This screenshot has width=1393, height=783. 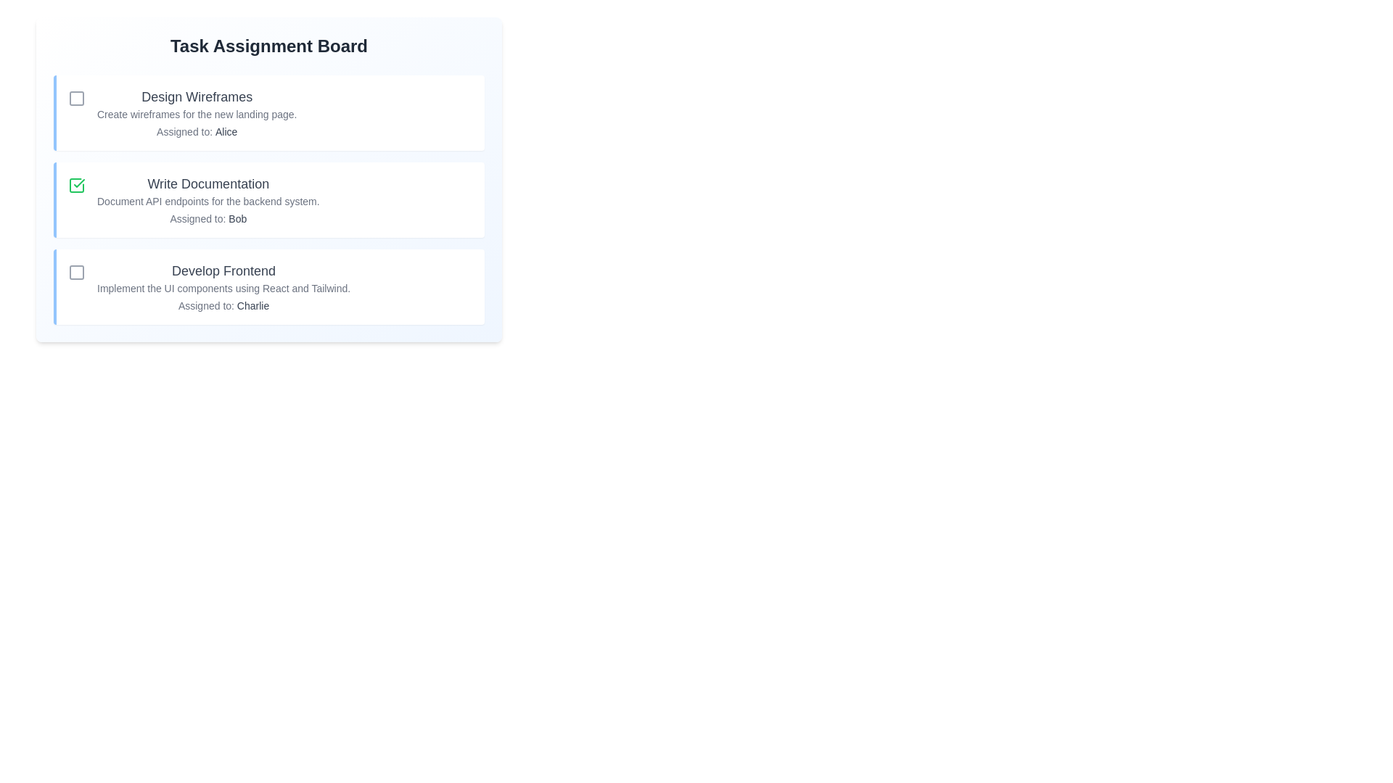 What do you see at coordinates (207, 201) in the screenshot?
I see `detailed description provided by the static text element located below the title 'Write Documentation' and above the assignment section 'Assigned to: Bob'` at bounding box center [207, 201].